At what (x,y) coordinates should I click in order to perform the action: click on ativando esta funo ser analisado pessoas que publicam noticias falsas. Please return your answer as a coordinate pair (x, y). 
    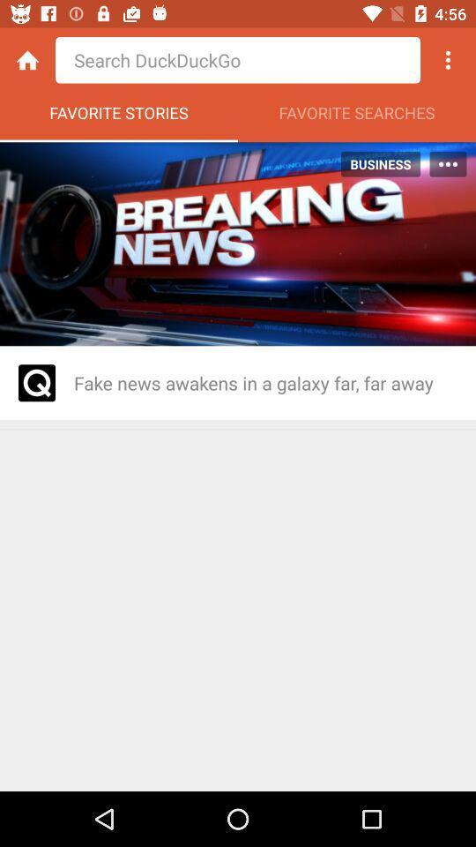
    Looking at the image, I should click on (37, 383).